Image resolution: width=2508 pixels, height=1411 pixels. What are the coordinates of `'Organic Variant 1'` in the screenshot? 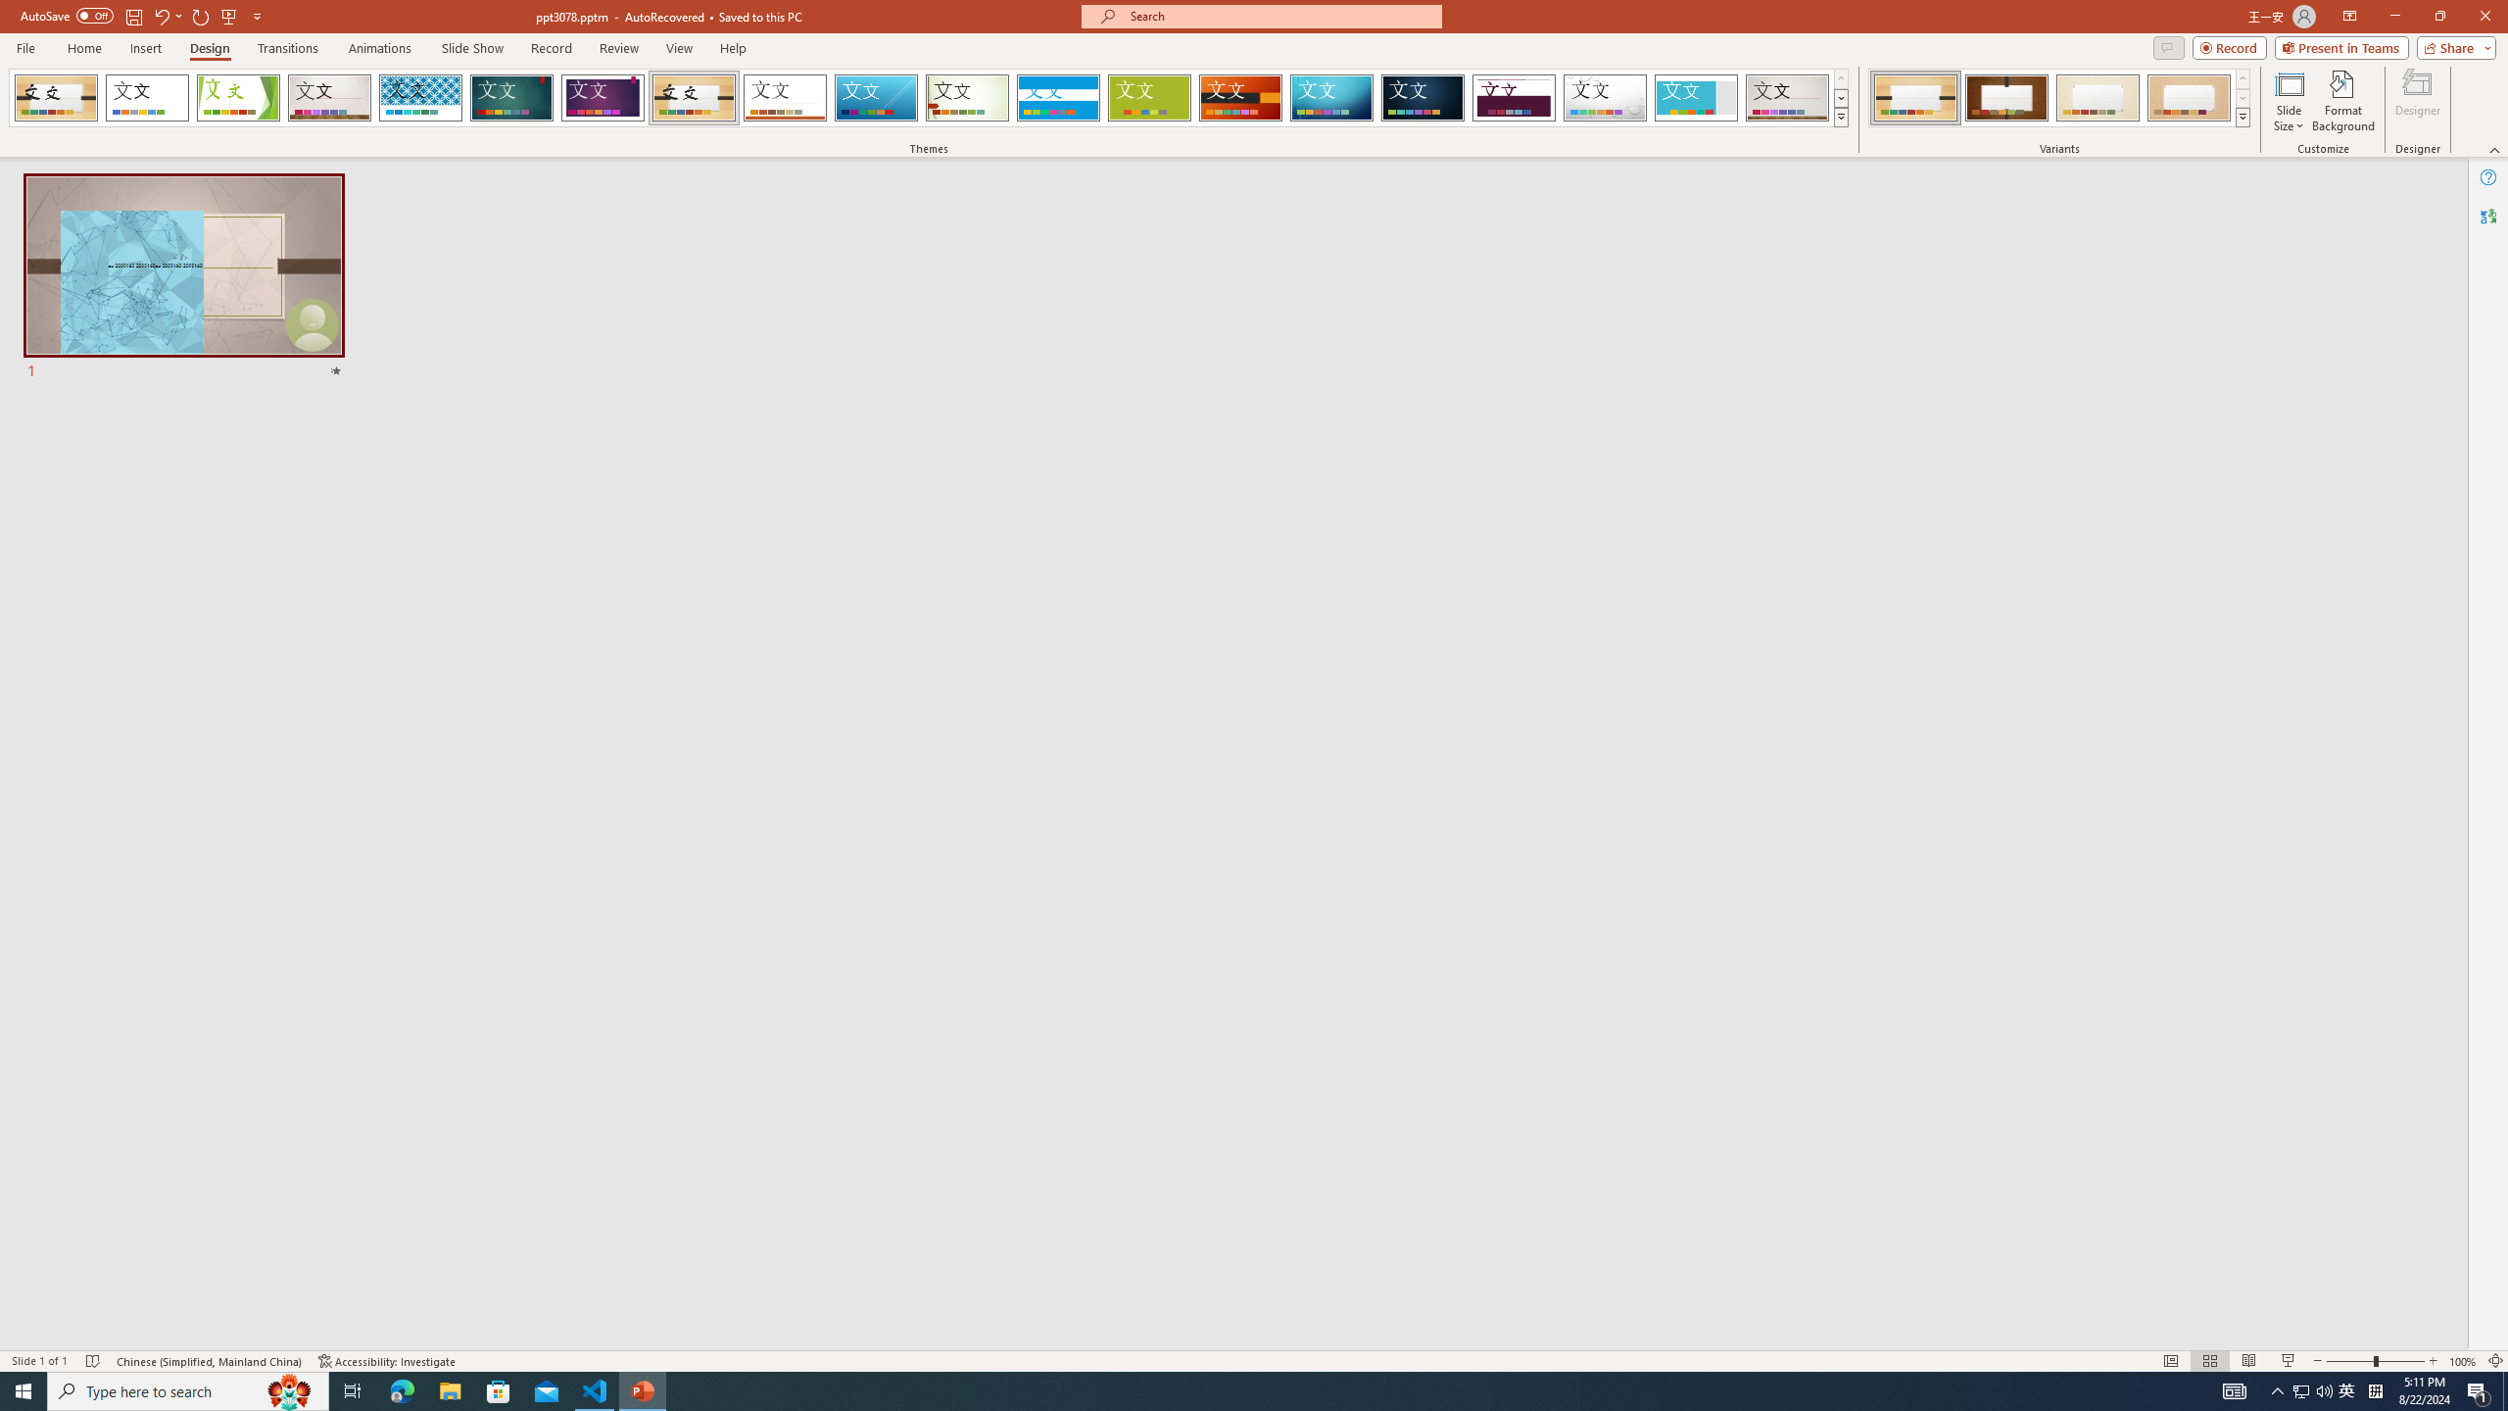 It's located at (1914, 97).